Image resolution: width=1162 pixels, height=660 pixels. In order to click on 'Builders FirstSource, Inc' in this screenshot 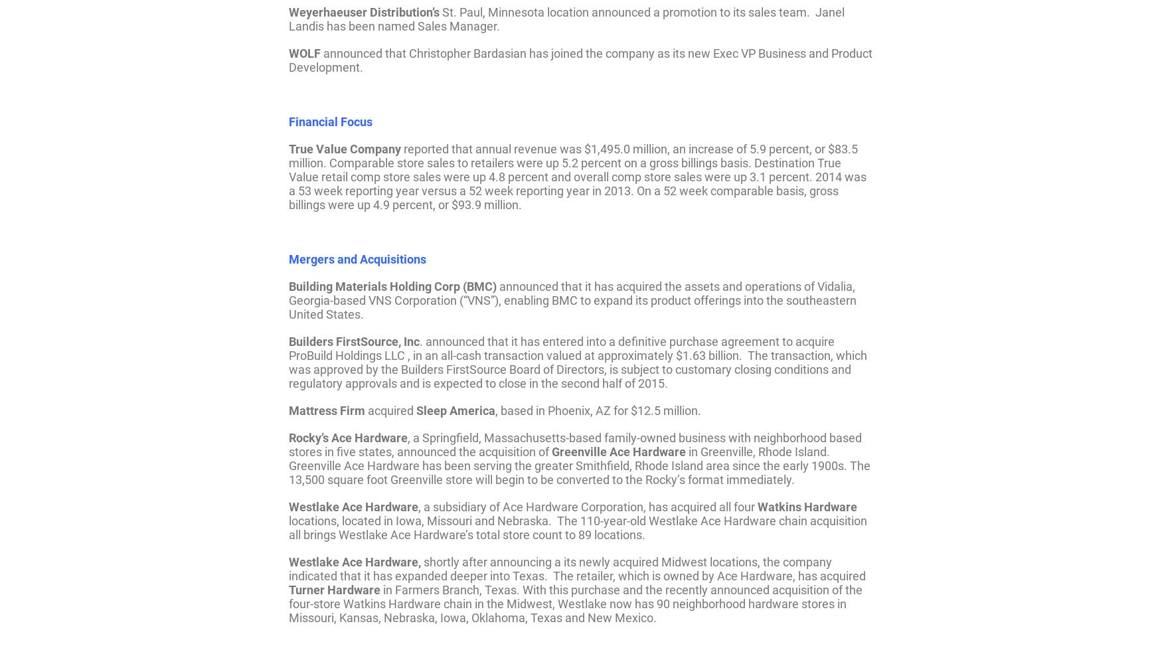, I will do `click(353, 341)`.